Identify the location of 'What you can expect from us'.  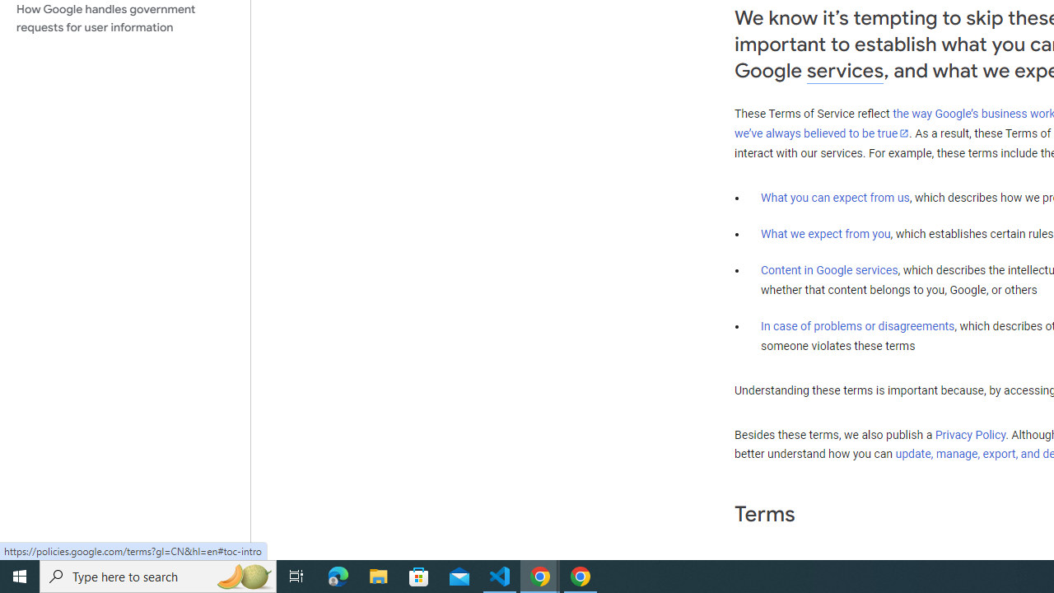
(835, 197).